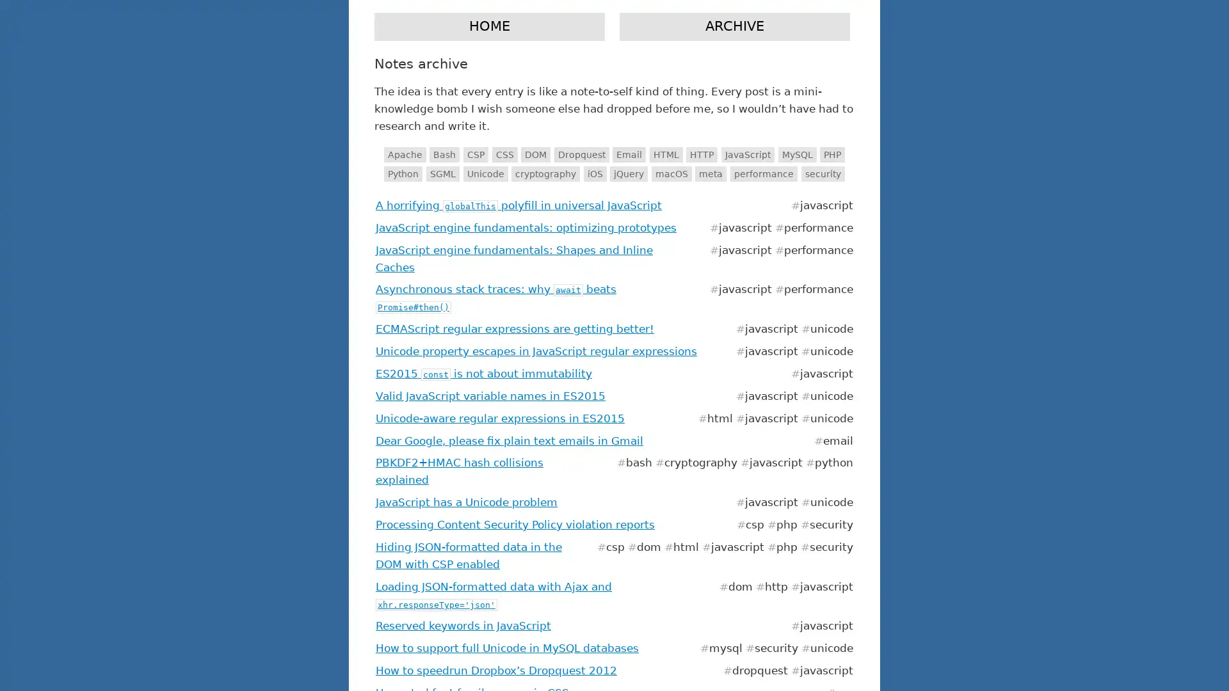 The height and width of the screenshot is (691, 1229). I want to click on Bash, so click(444, 154).